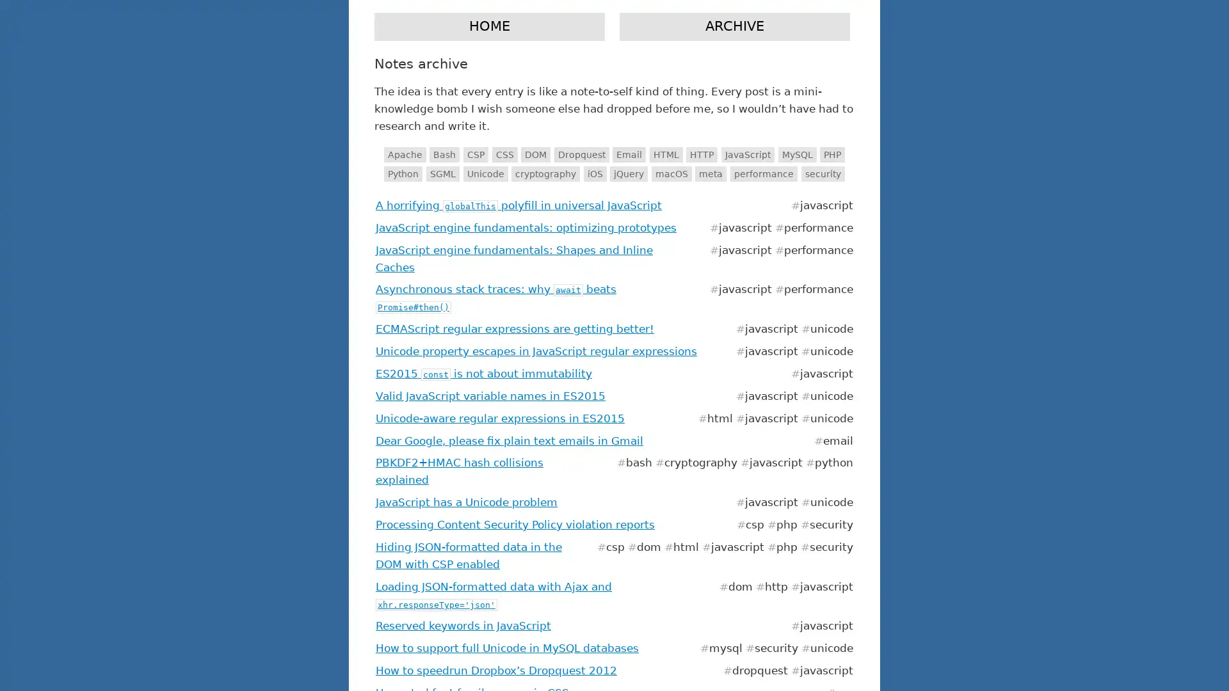 The height and width of the screenshot is (691, 1229). I want to click on Bash, so click(444, 154).